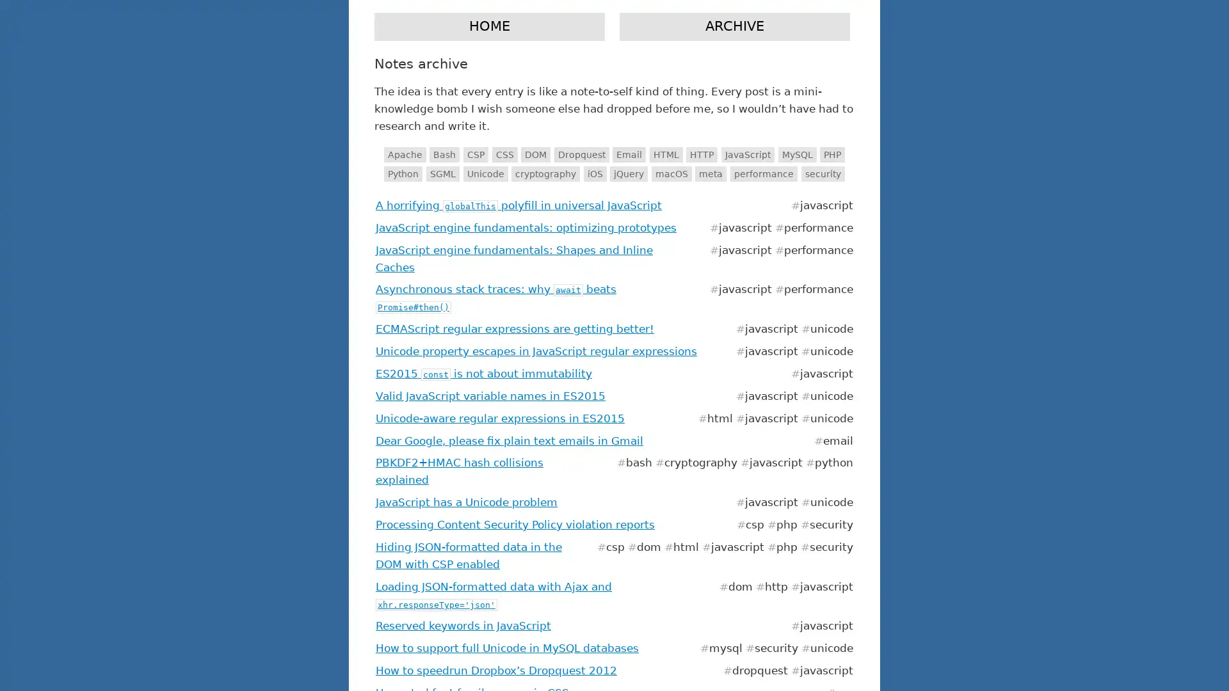 The height and width of the screenshot is (691, 1229). I want to click on Bash, so click(444, 154).